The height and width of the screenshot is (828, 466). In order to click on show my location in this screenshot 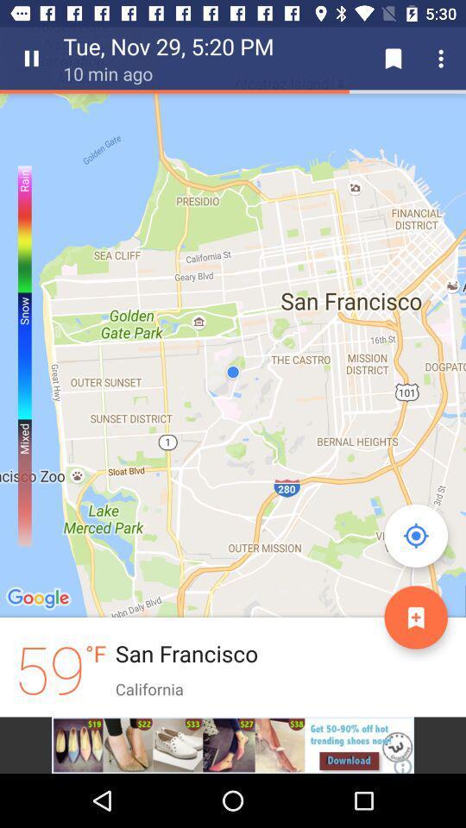, I will do `click(415, 535)`.